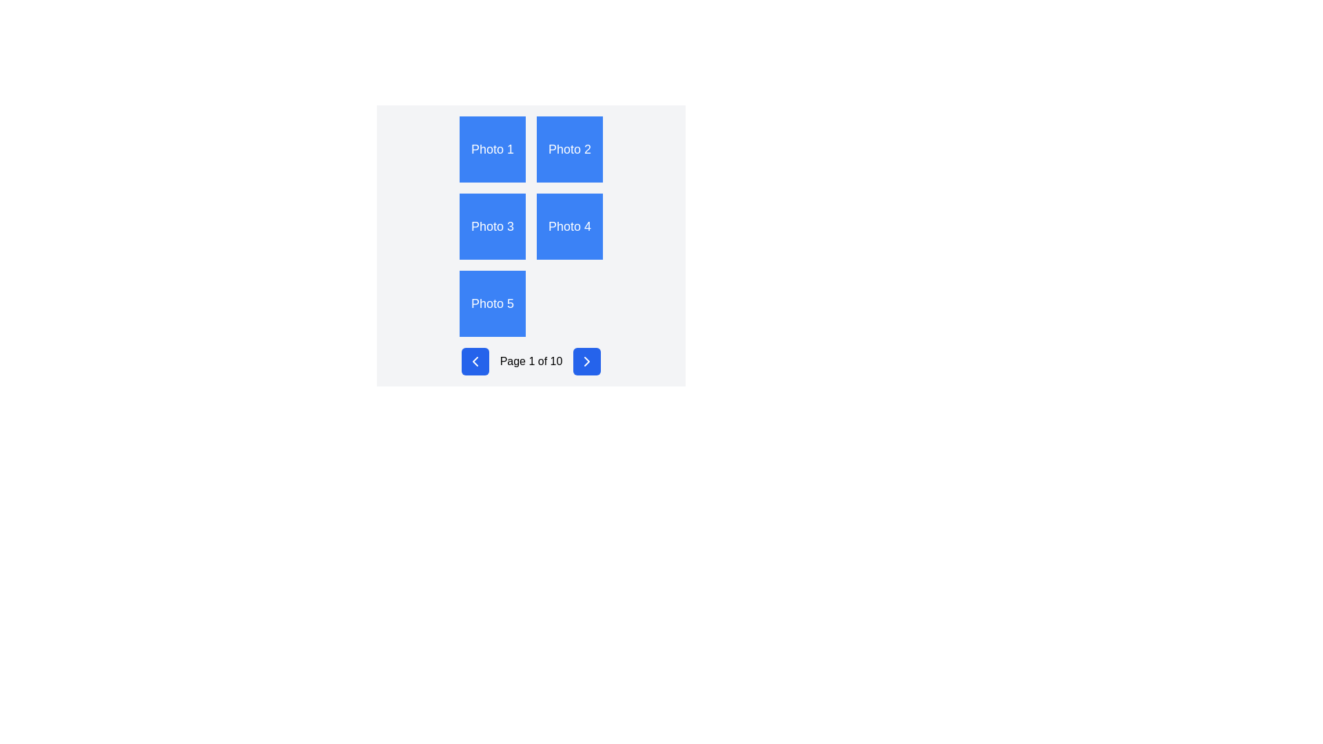 The image size is (1323, 744). What do you see at coordinates (475, 360) in the screenshot?
I see `the blue rounded button containing the chevron-left icon` at bounding box center [475, 360].